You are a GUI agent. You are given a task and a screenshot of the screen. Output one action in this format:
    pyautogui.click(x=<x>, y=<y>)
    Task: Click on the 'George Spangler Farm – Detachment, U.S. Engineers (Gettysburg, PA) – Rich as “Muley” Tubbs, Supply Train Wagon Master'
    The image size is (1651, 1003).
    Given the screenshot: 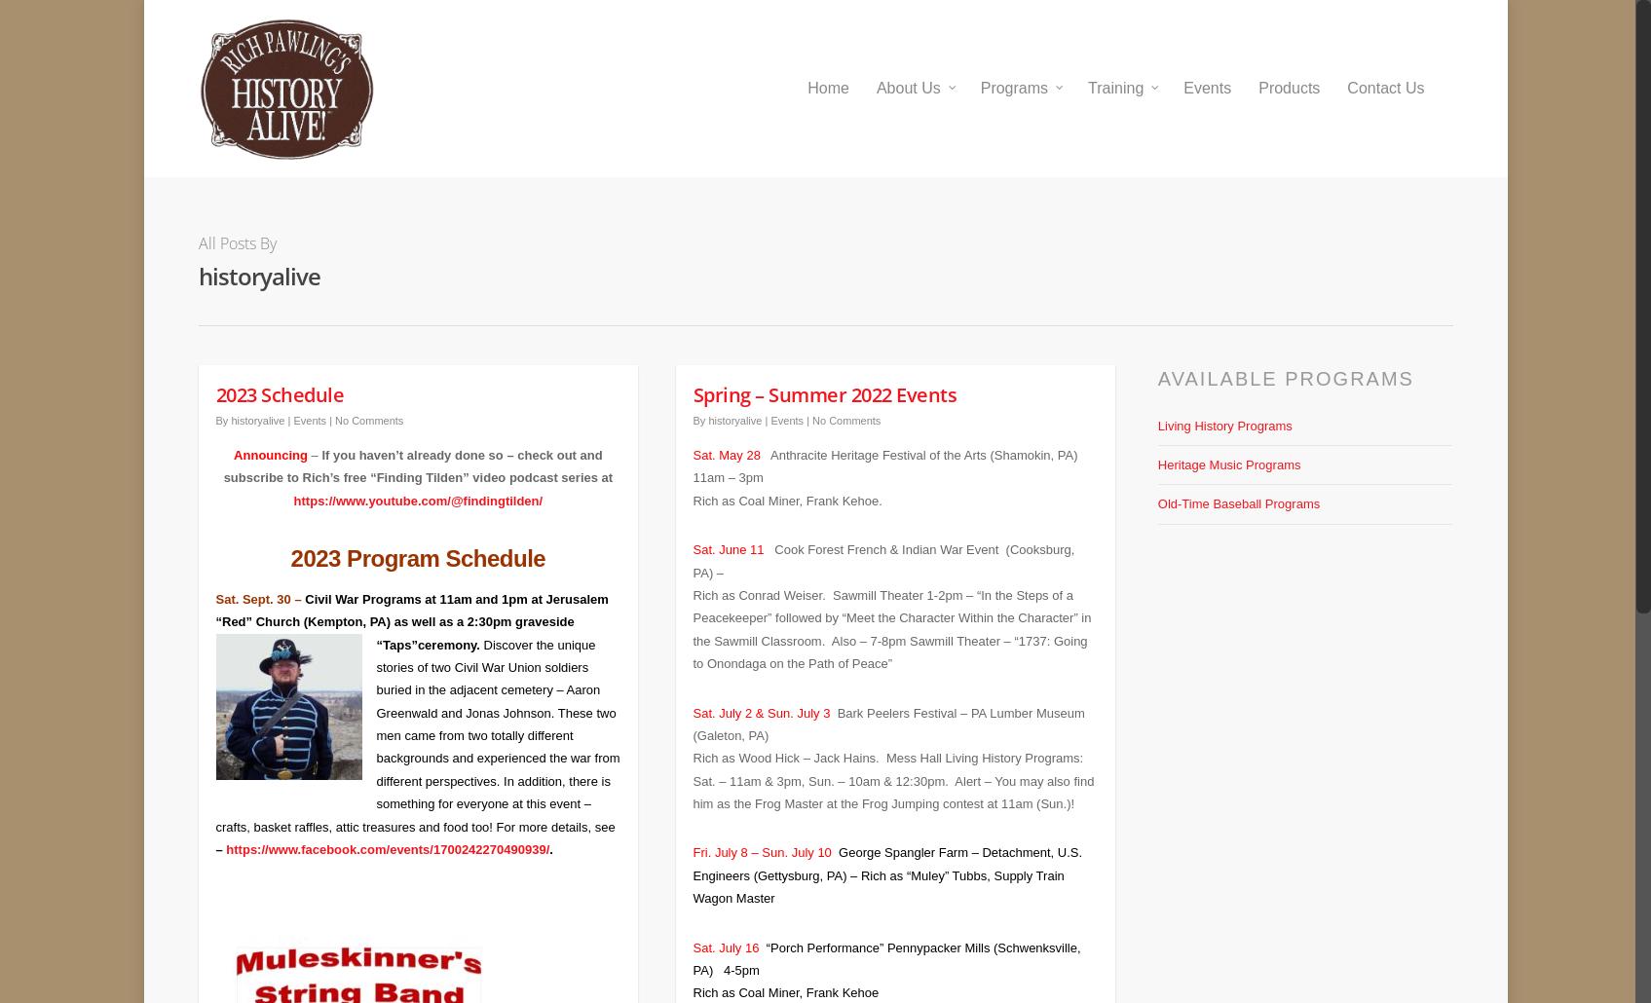 What is the action you would take?
    pyautogui.click(x=886, y=861)
    